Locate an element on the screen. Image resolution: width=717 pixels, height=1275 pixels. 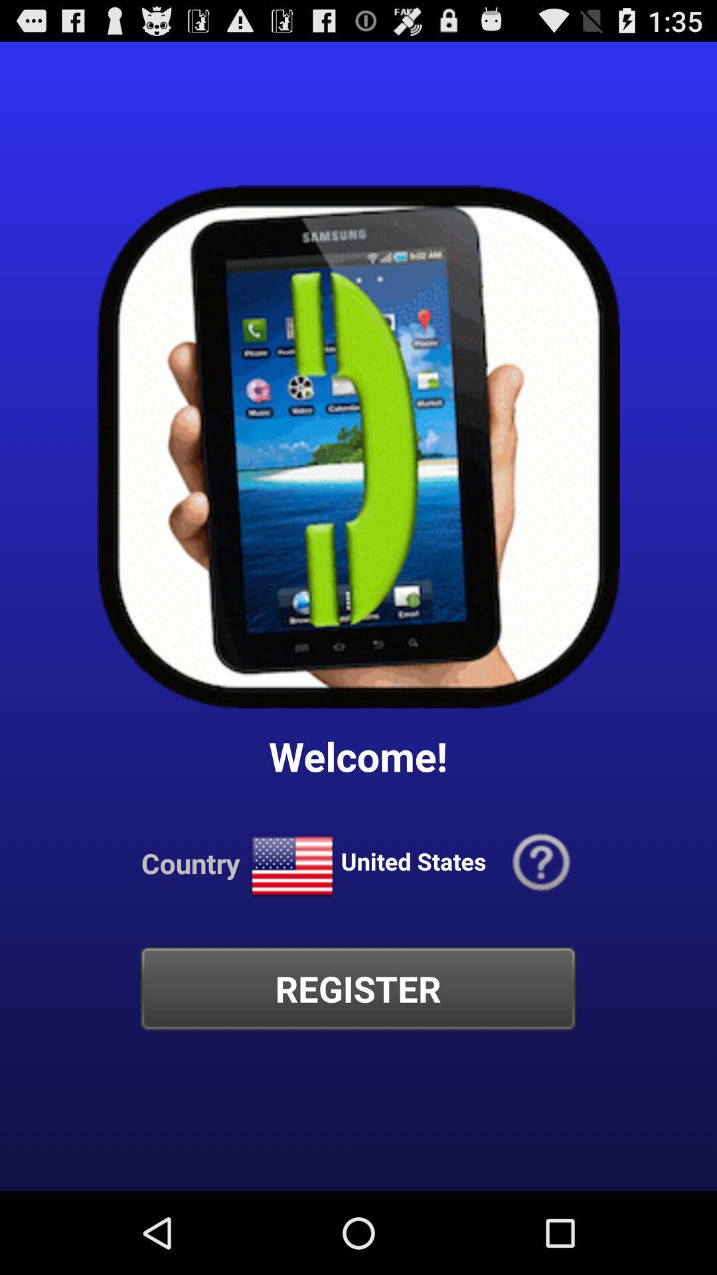
the app to the left of united states item is located at coordinates (291, 867).